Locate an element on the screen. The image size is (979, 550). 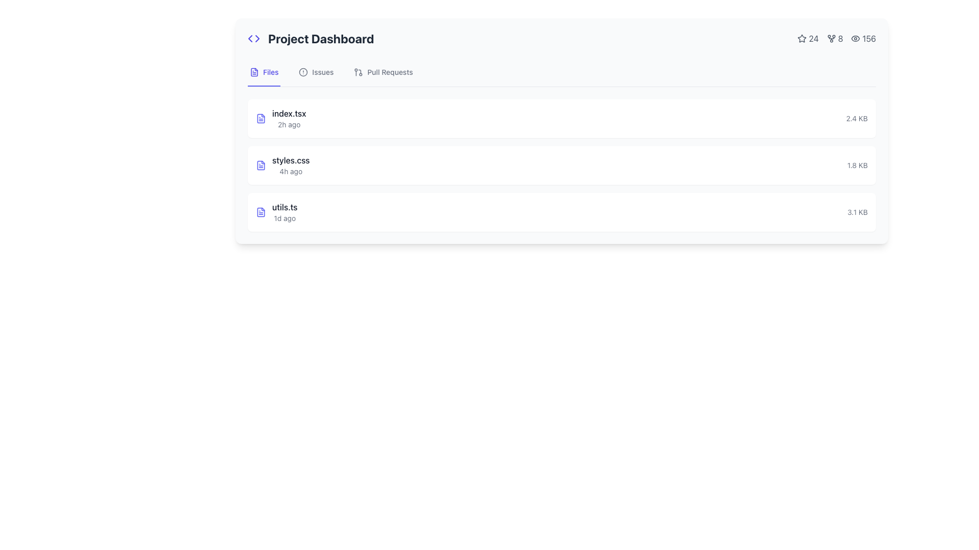
the file metadata entry for 'styles.css' is located at coordinates (282, 164).